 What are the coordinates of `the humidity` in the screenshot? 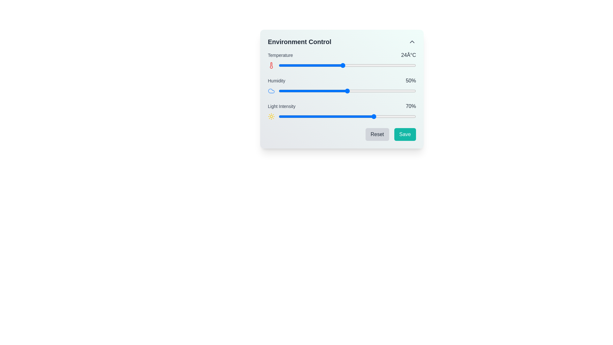 It's located at (331, 91).